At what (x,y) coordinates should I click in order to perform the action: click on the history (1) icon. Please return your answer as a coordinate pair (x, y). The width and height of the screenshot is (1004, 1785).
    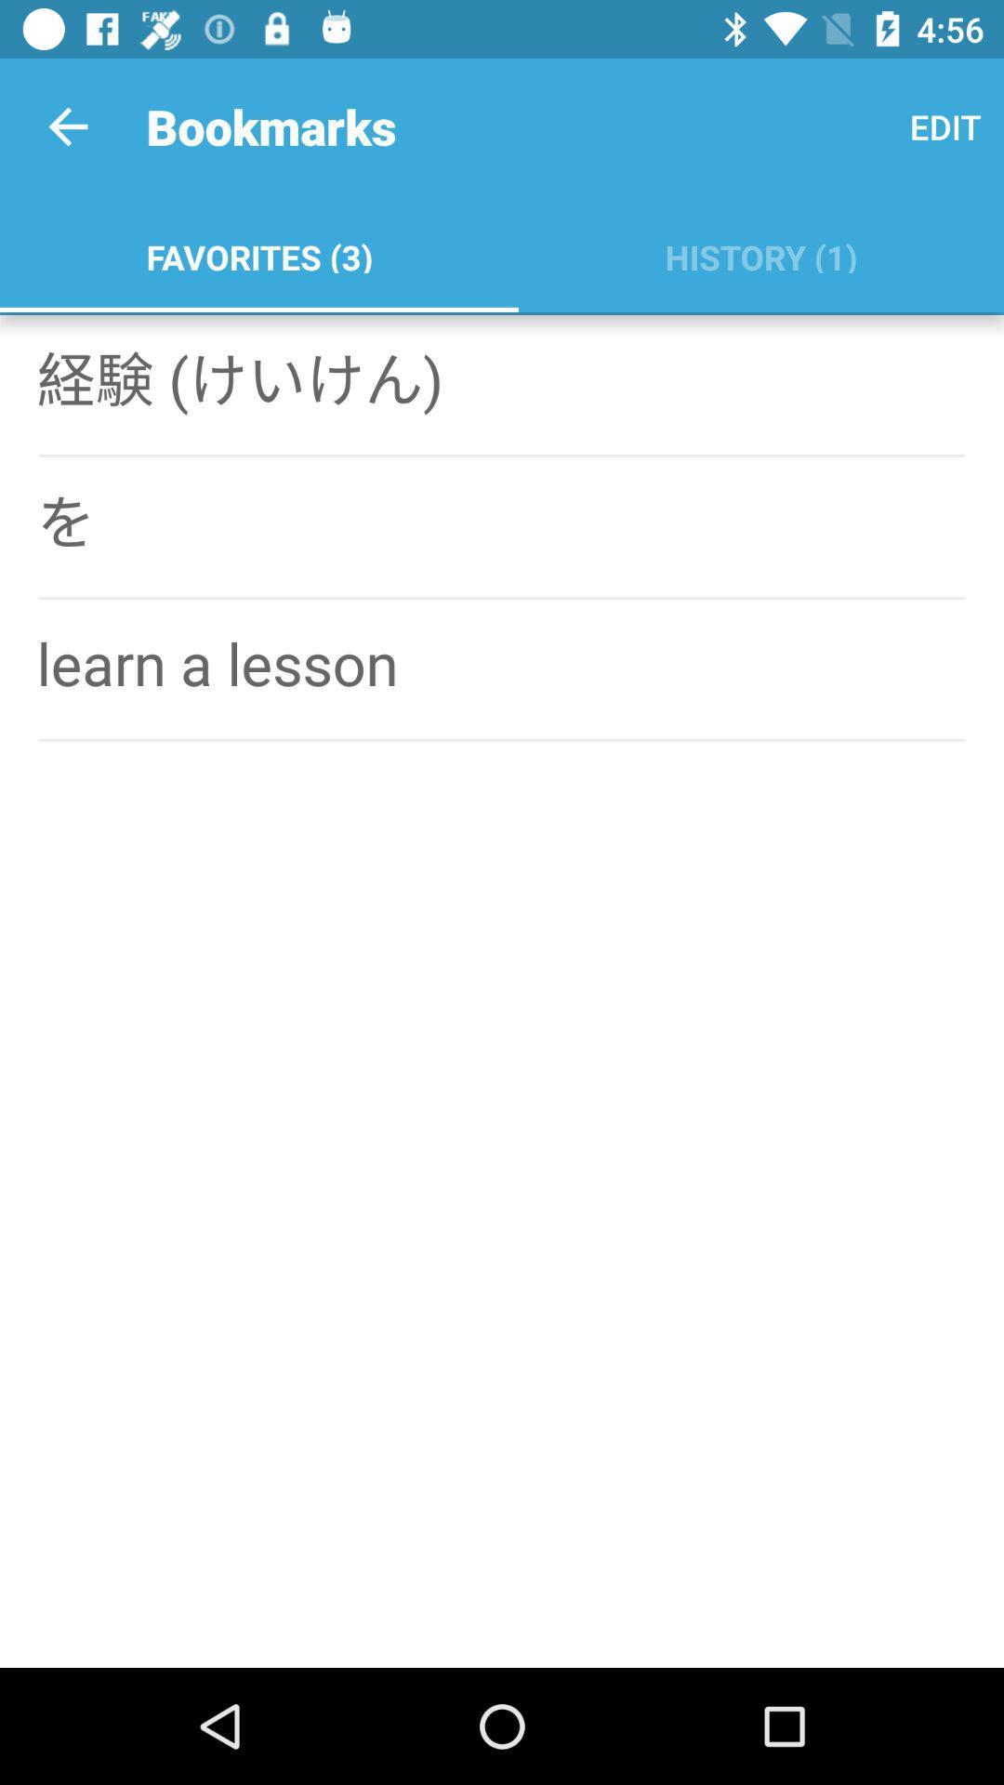
    Looking at the image, I should click on (760, 253).